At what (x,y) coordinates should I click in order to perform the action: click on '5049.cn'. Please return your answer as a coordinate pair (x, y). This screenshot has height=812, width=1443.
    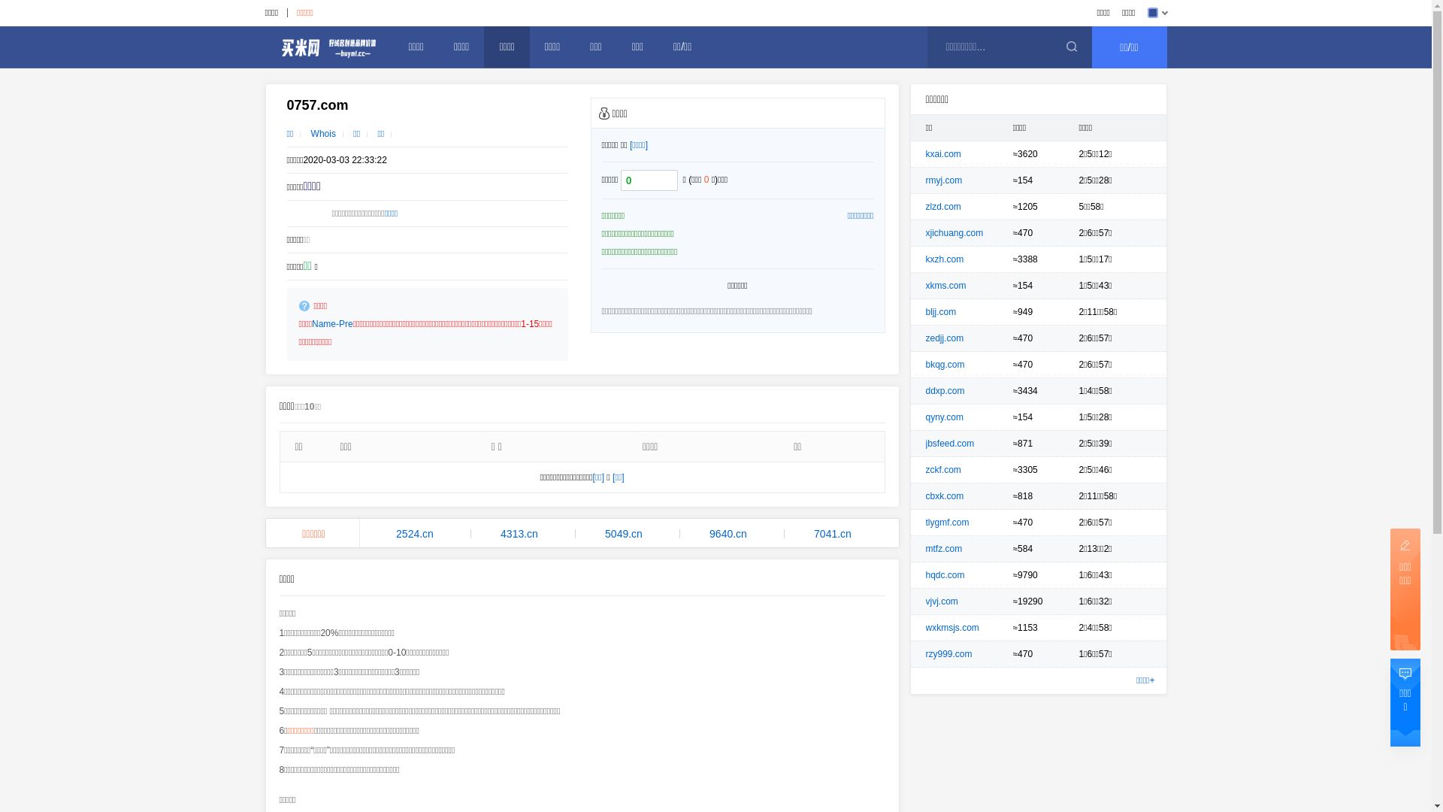
    Looking at the image, I should click on (623, 532).